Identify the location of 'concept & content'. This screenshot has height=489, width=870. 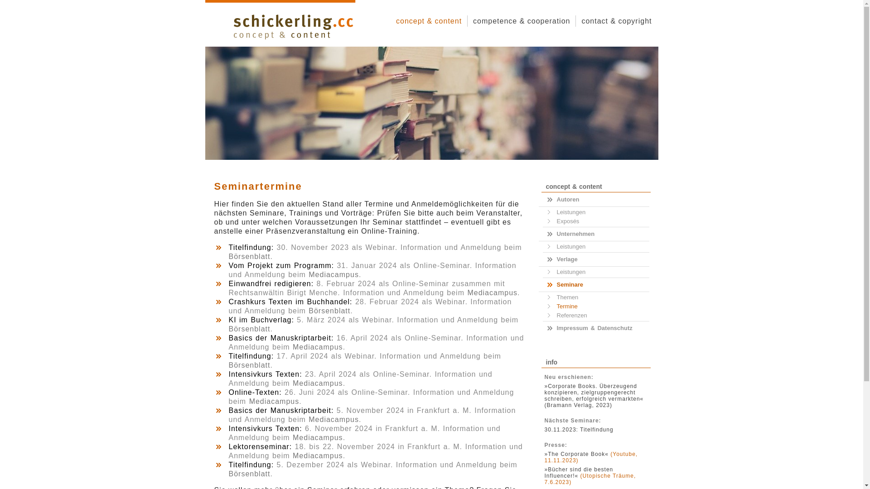
(428, 20).